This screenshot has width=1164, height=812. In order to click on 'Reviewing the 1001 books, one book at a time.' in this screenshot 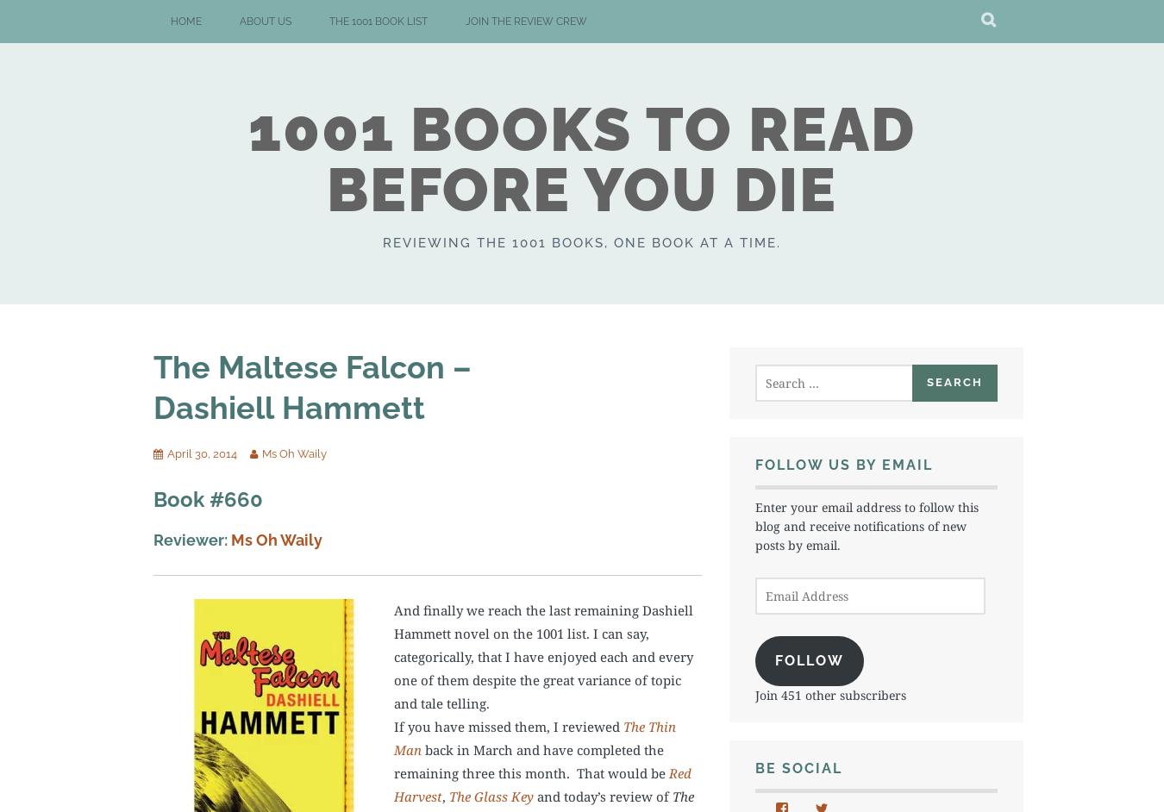, I will do `click(582, 240)`.